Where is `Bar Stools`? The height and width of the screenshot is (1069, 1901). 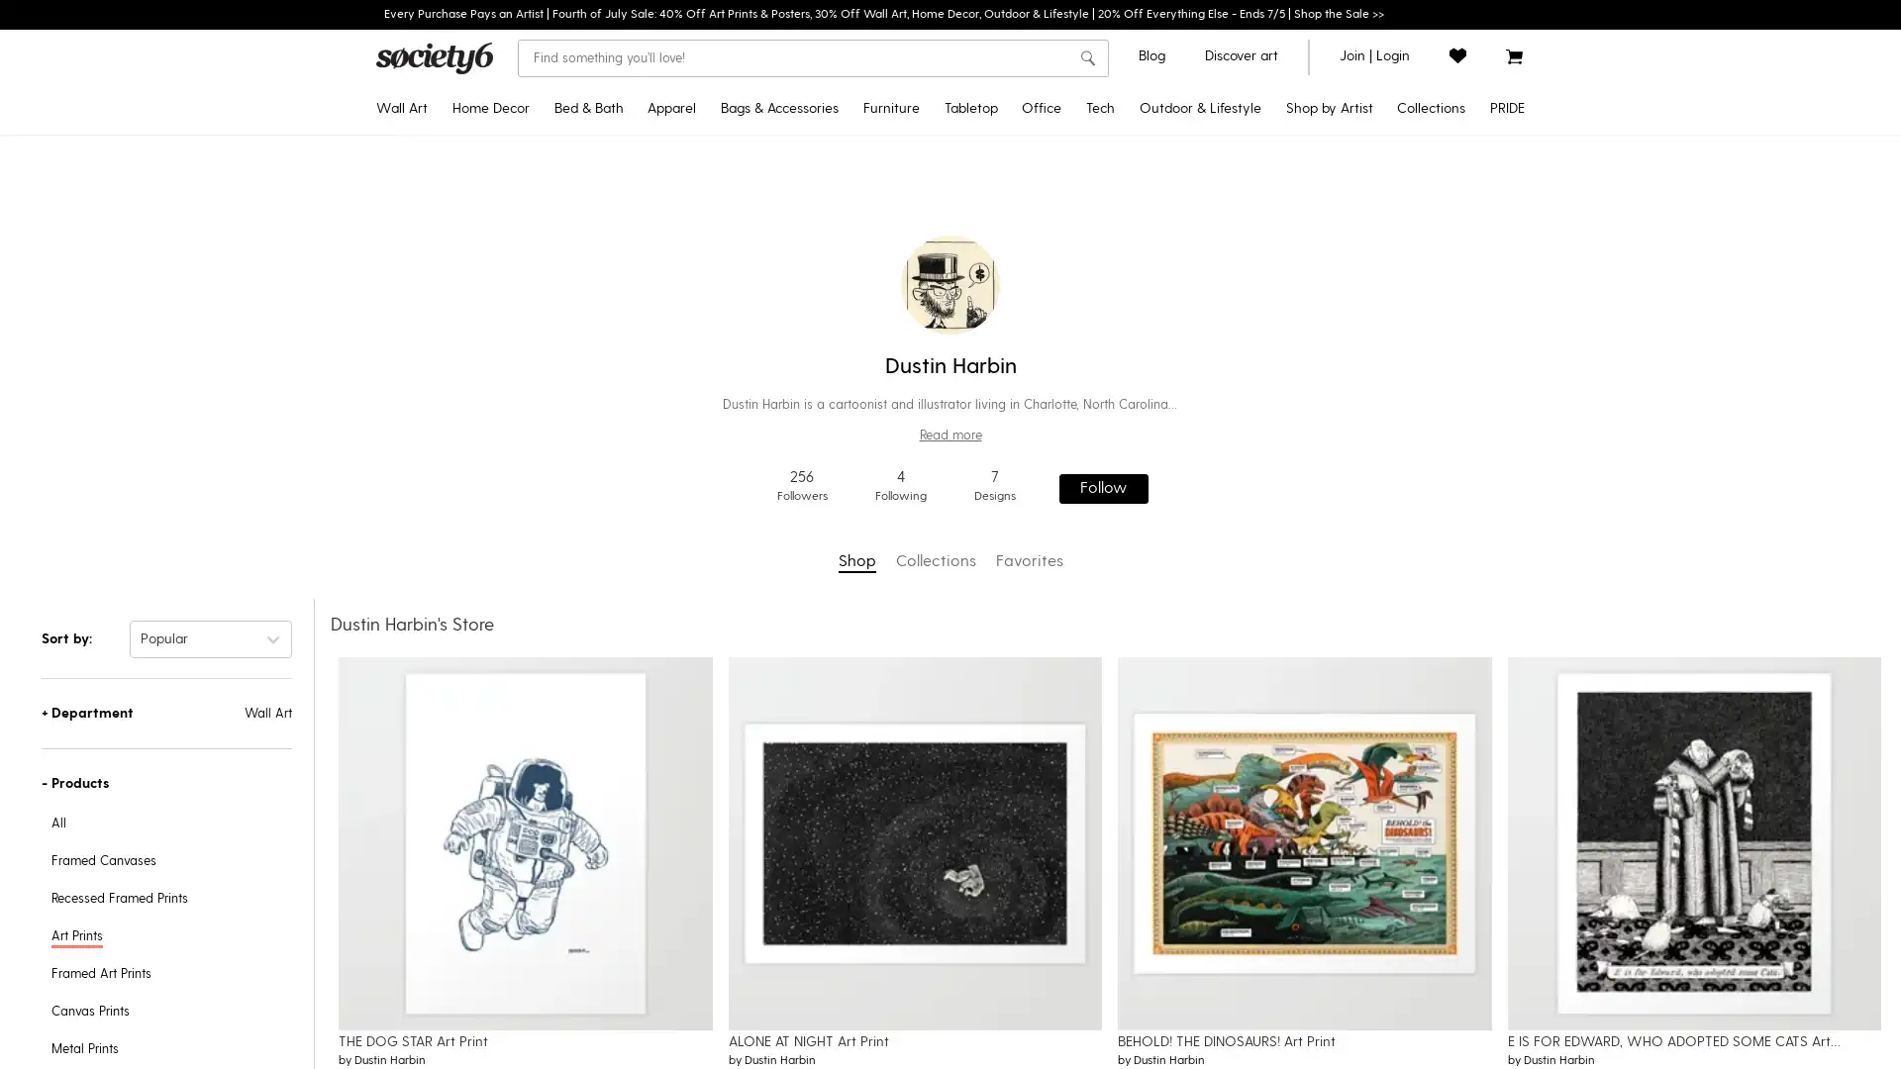
Bar Stools is located at coordinates (925, 222).